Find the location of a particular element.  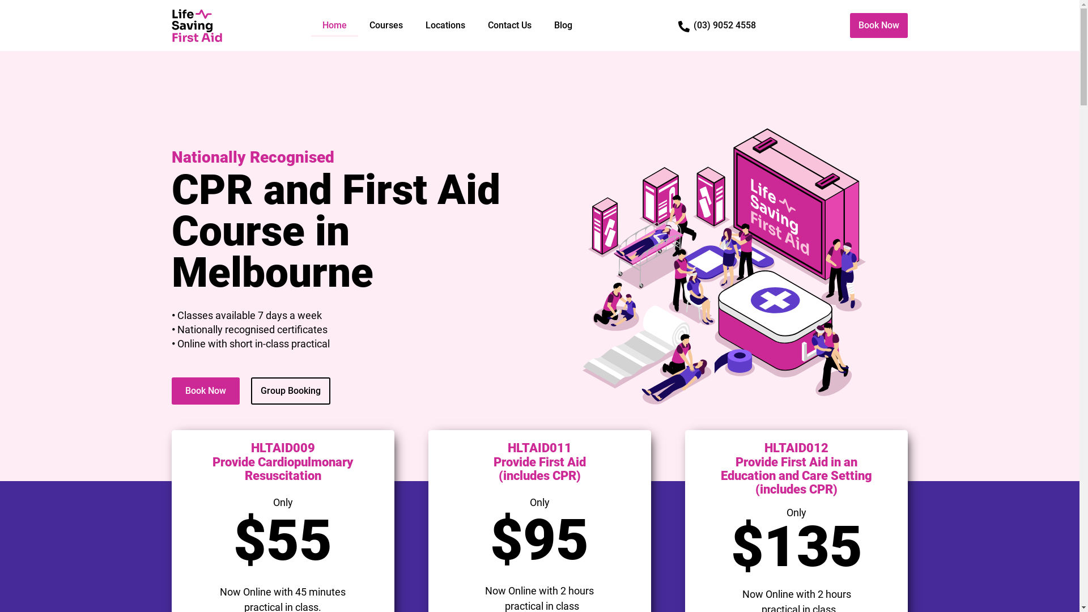

'Home' is located at coordinates (334, 25).